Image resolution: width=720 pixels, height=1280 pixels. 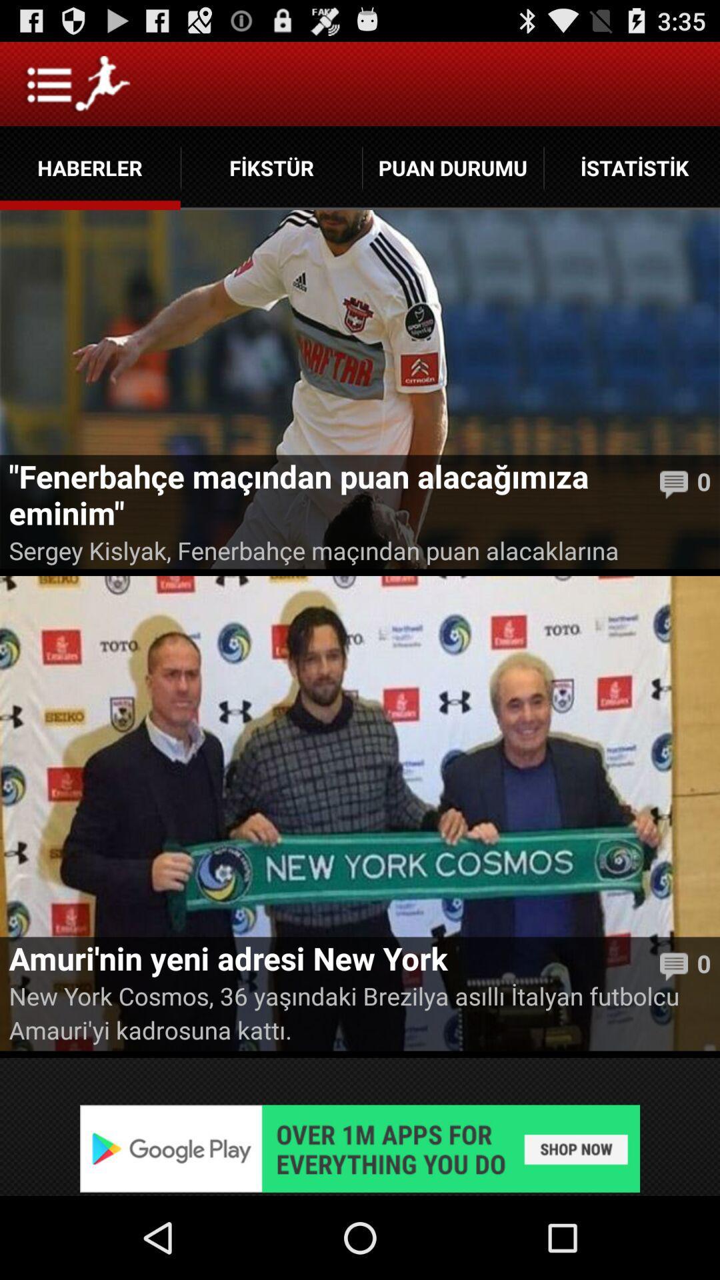 What do you see at coordinates (452, 167) in the screenshot?
I see `puan durumu icon` at bounding box center [452, 167].